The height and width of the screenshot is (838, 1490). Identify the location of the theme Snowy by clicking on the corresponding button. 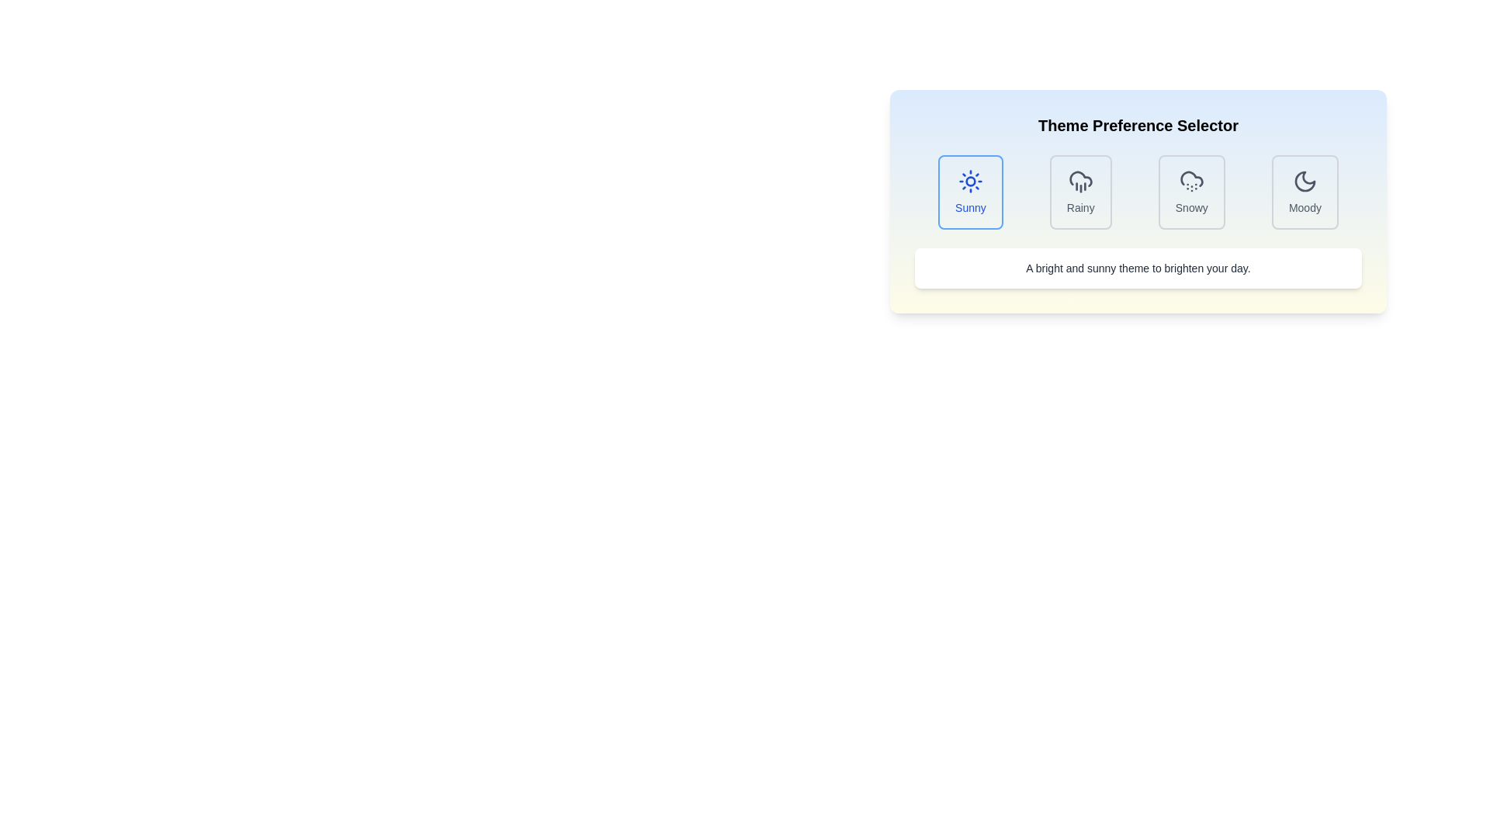
(1190, 191).